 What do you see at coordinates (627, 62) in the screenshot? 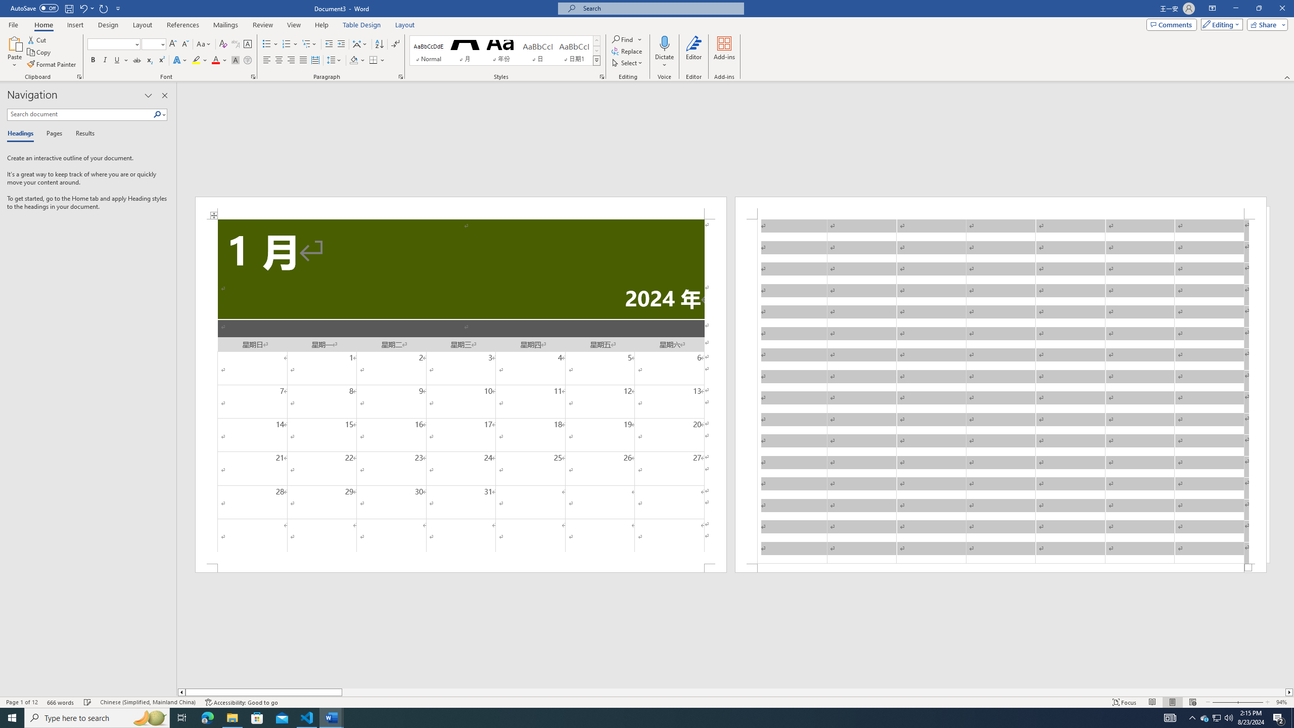
I see `'Select'` at bounding box center [627, 62].